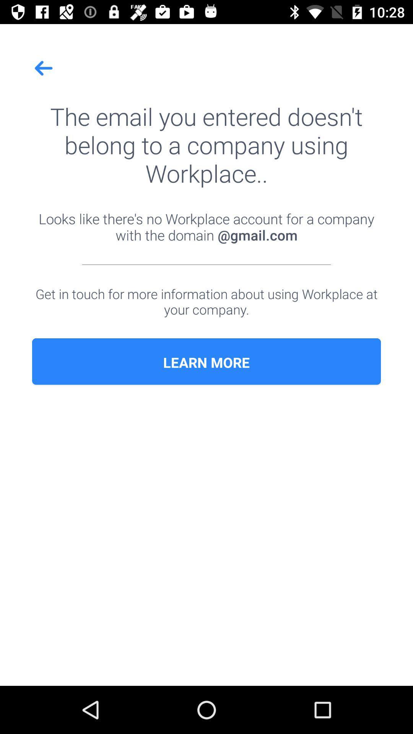 Image resolution: width=413 pixels, height=734 pixels. Describe the element at coordinates (44, 68) in the screenshot. I see `icon at the top left corner` at that location.